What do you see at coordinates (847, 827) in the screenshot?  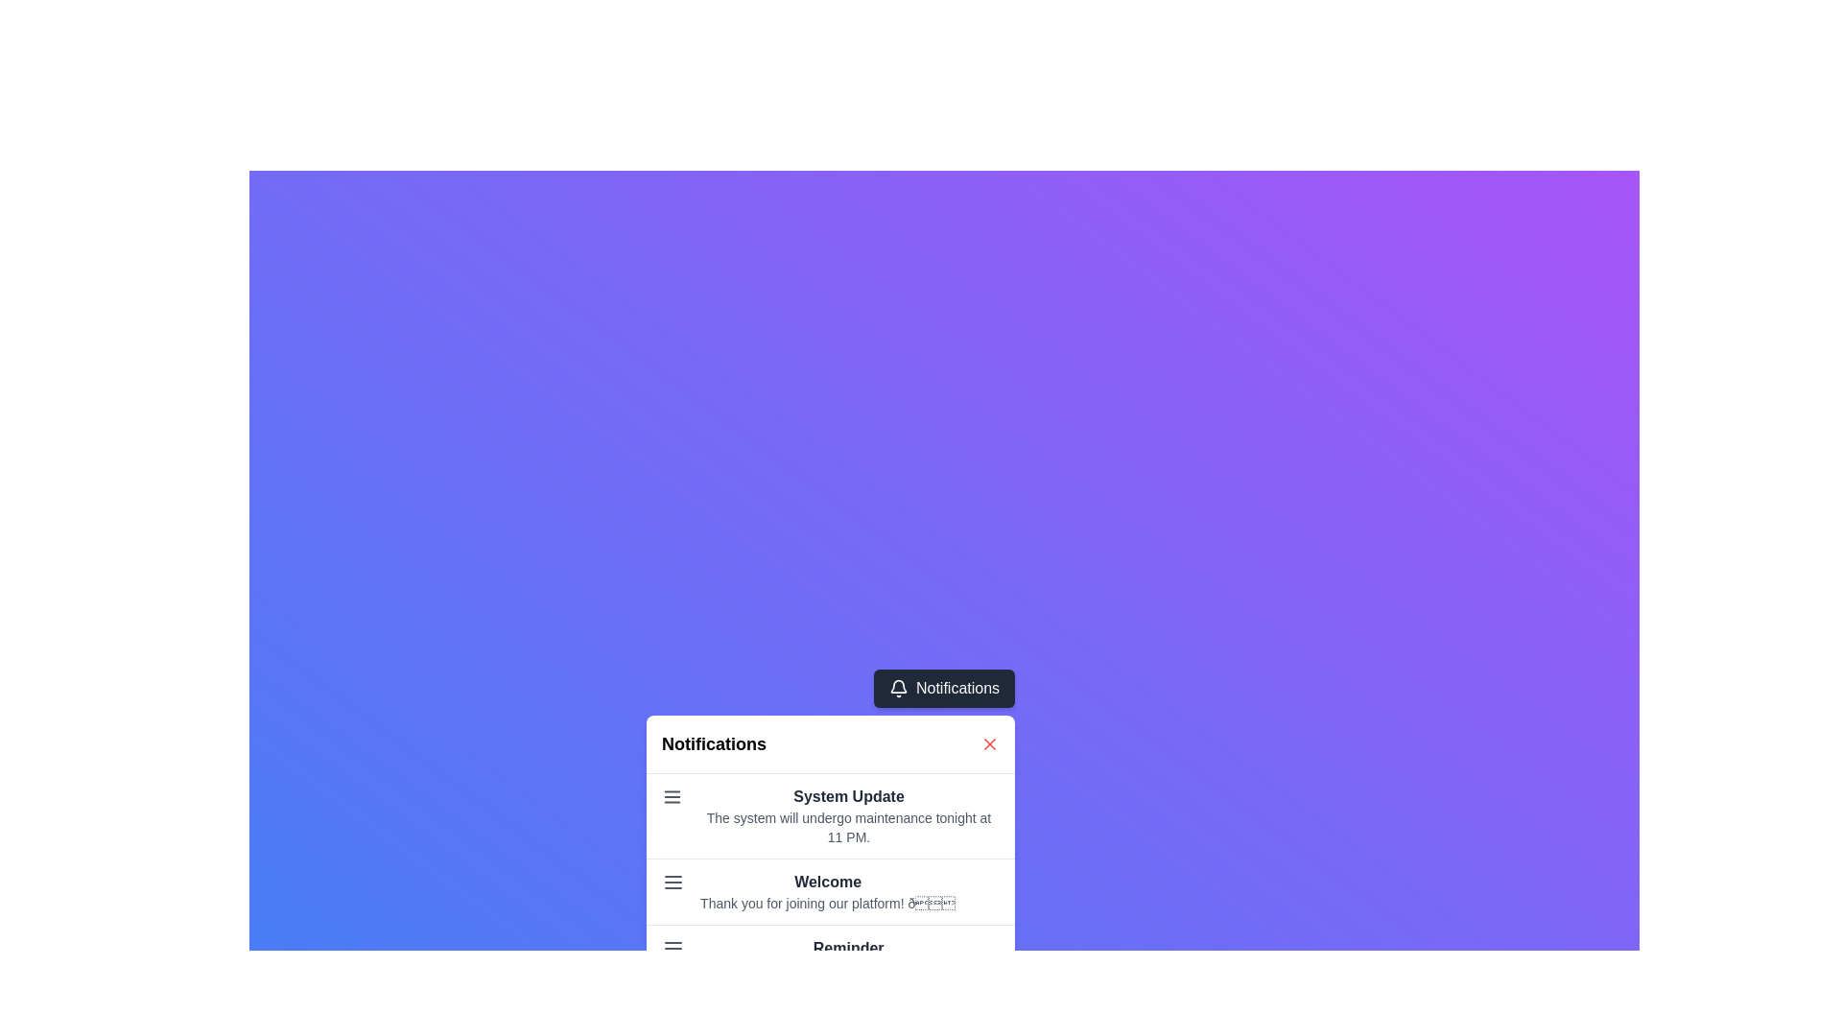 I see `the text label displaying the message 'The system will undergo maintenance tonight at 11 PM.' which is styled in a smaller, gray font and is positioned directly beneath the bolded title 'System Update' within the notification card` at bounding box center [847, 827].